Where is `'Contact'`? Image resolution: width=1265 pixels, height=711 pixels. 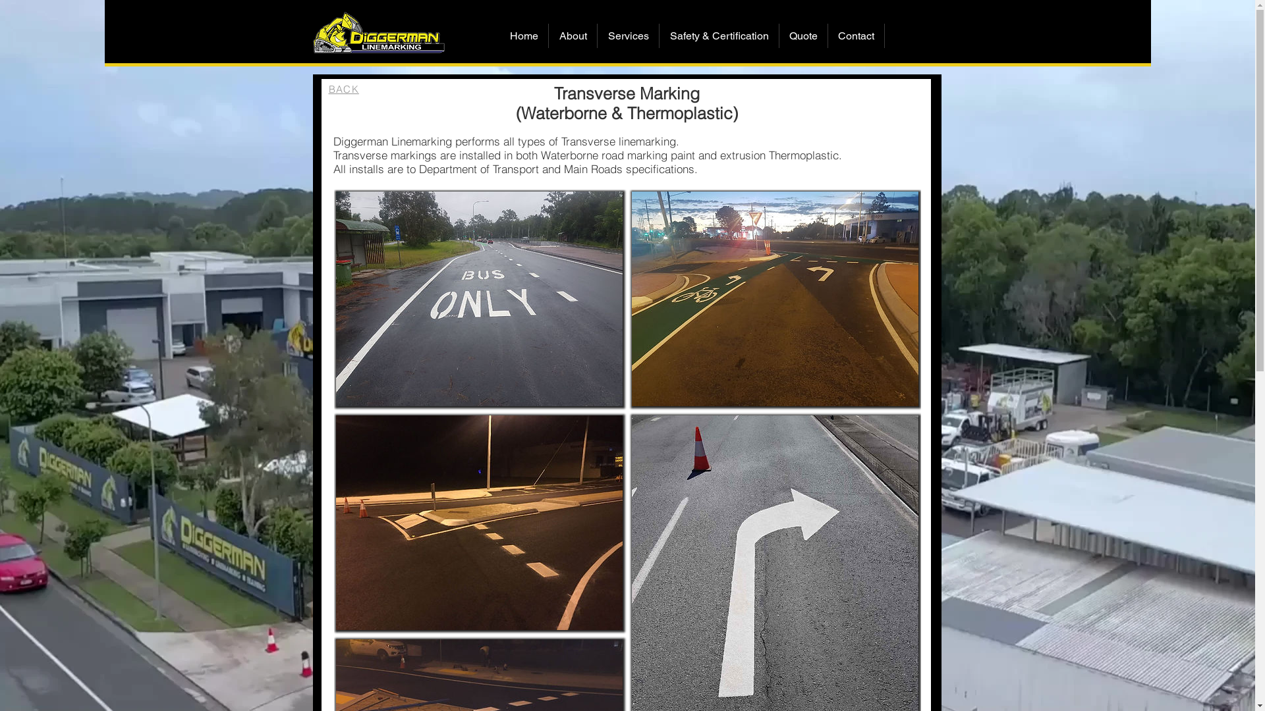
'Contact' is located at coordinates (856, 35).